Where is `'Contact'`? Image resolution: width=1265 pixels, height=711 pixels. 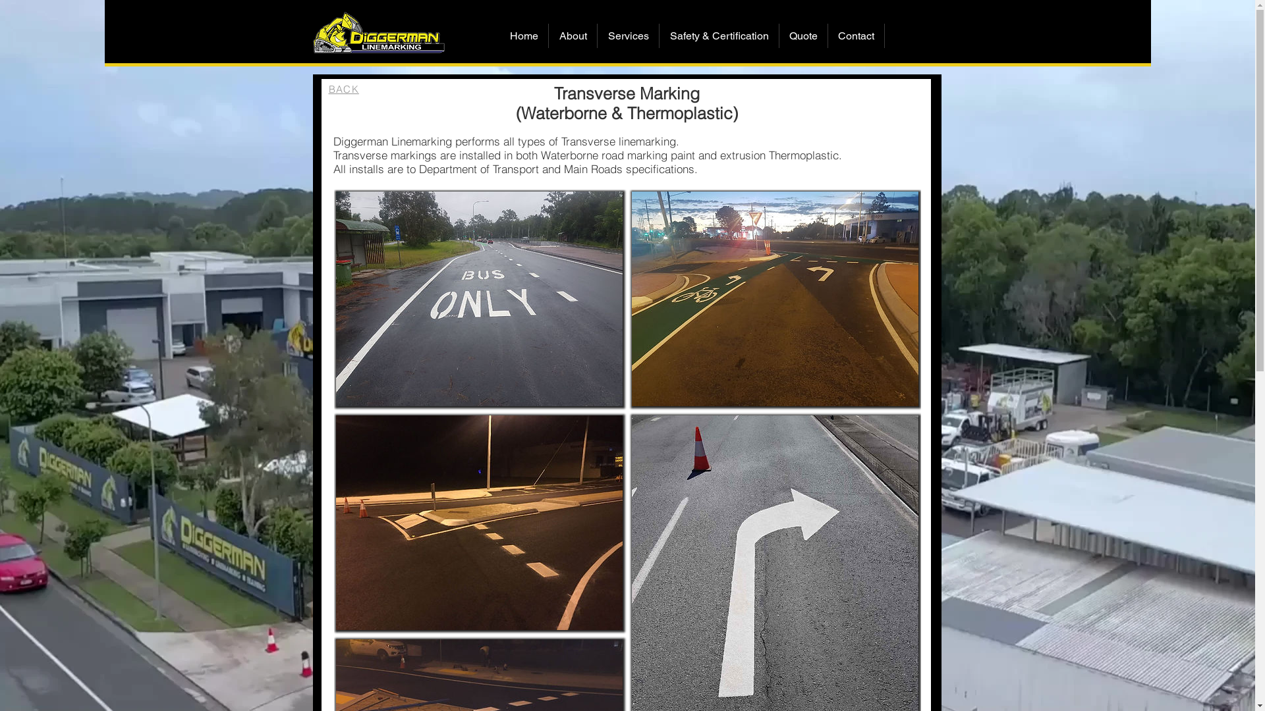
'Contact' is located at coordinates (856, 35).